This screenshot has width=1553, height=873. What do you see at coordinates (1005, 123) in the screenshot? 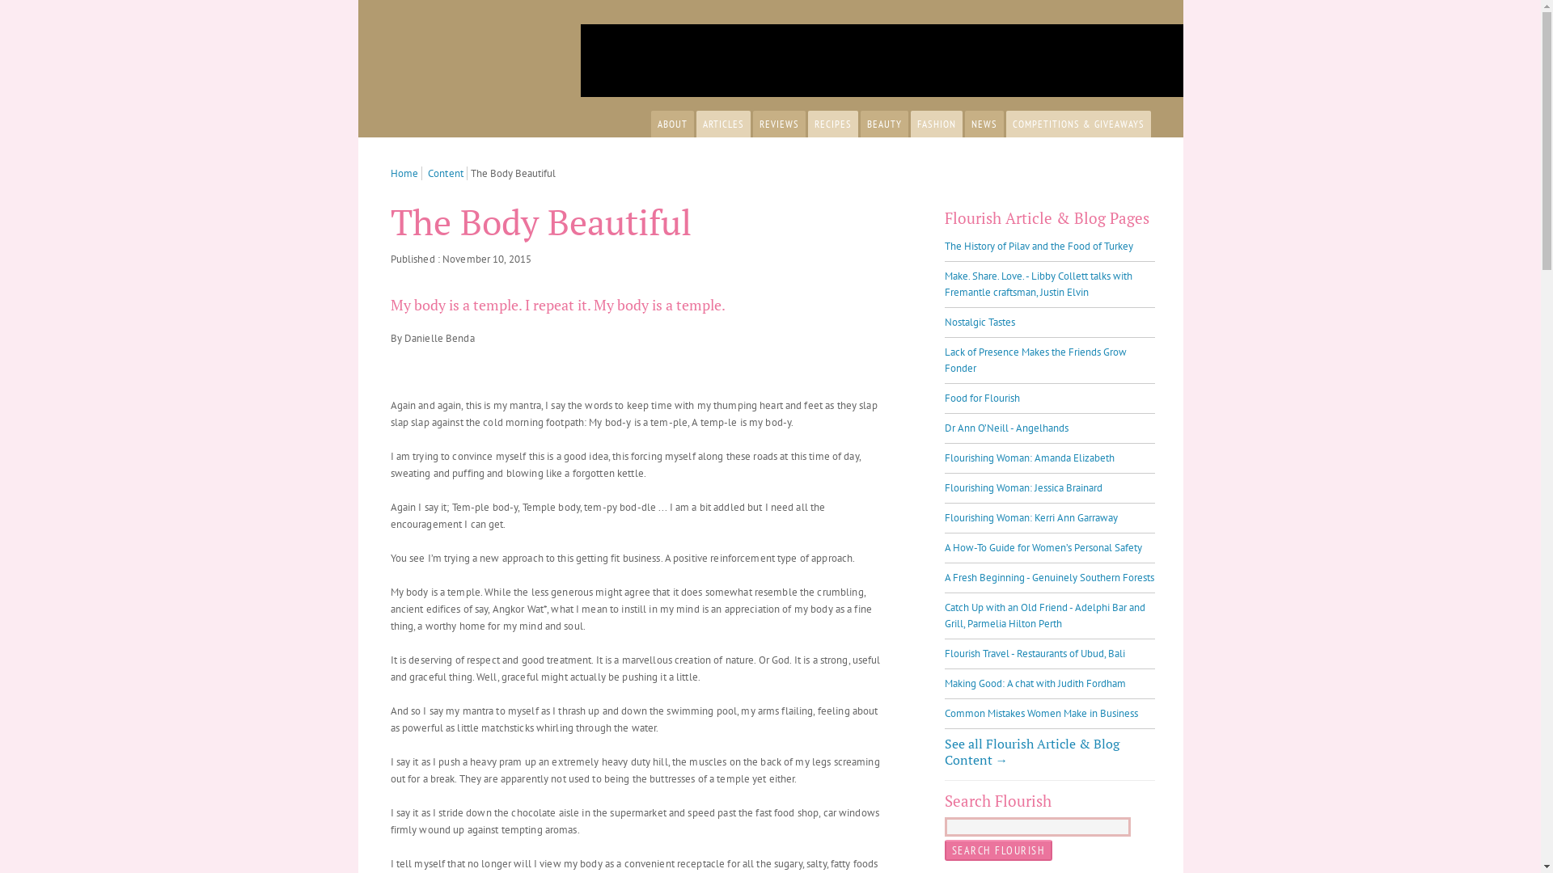
I see `'COMPETITIONS & GIVEAWAYS'` at bounding box center [1005, 123].